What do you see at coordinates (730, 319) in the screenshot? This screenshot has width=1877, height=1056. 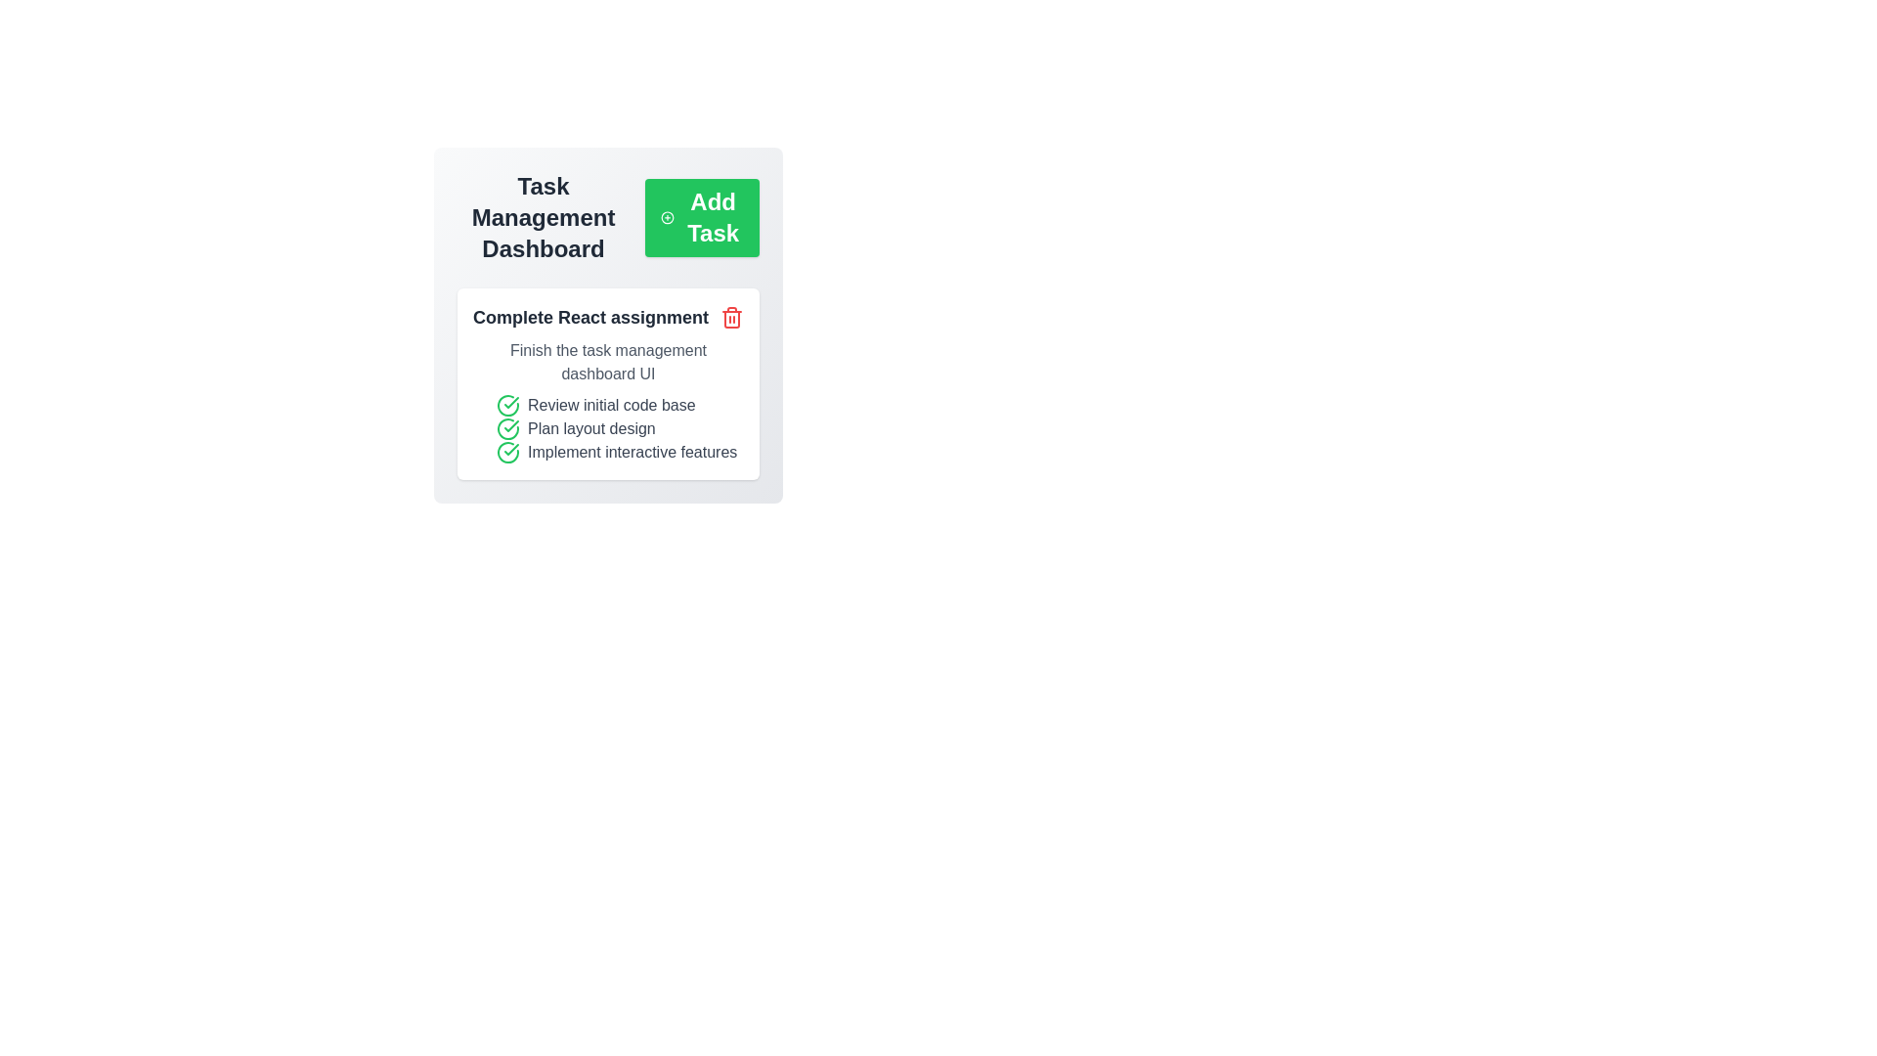 I see `the main body of the trash bin icon located in the right section of the task card titled 'Complete React assignment'` at bounding box center [730, 319].